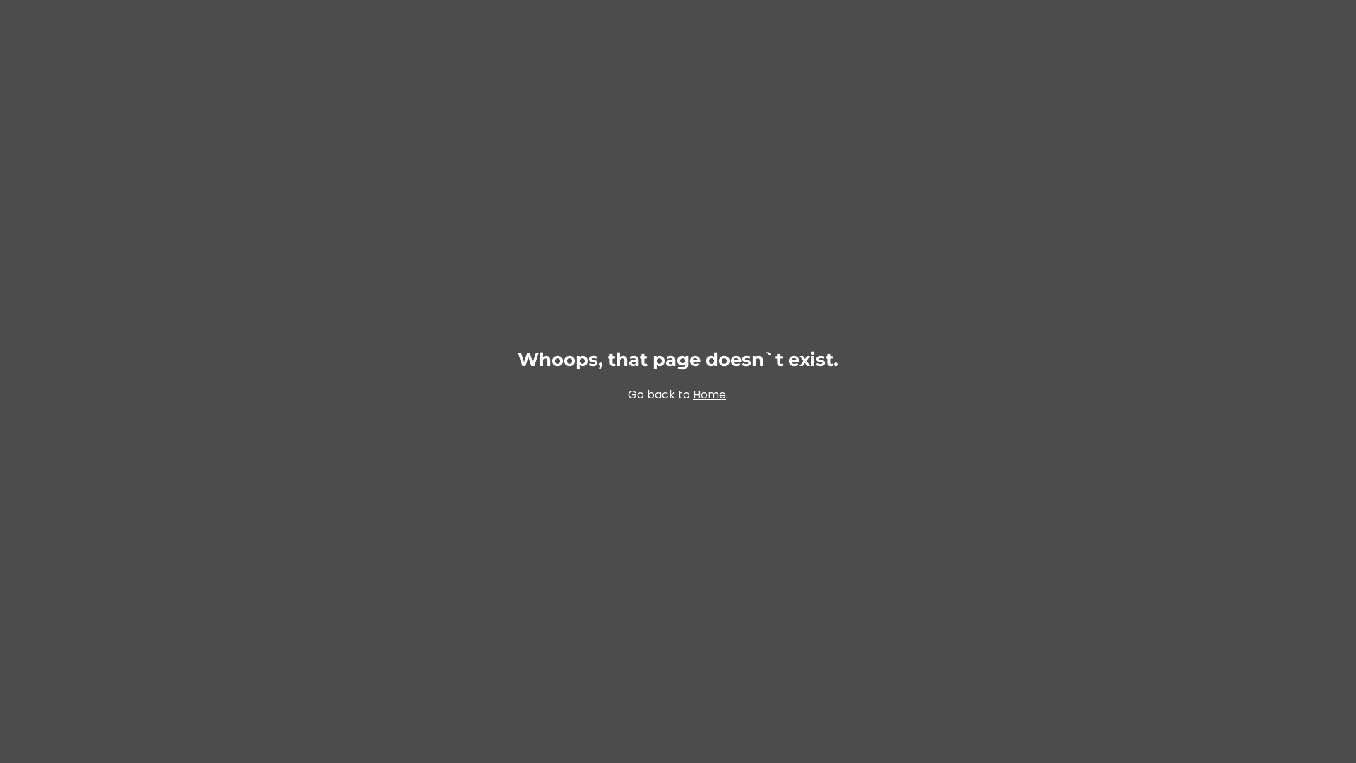 The width and height of the screenshot is (1356, 763). Describe the element at coordinates (709, 394) in the screenshot. I see `'Home'` at that location.